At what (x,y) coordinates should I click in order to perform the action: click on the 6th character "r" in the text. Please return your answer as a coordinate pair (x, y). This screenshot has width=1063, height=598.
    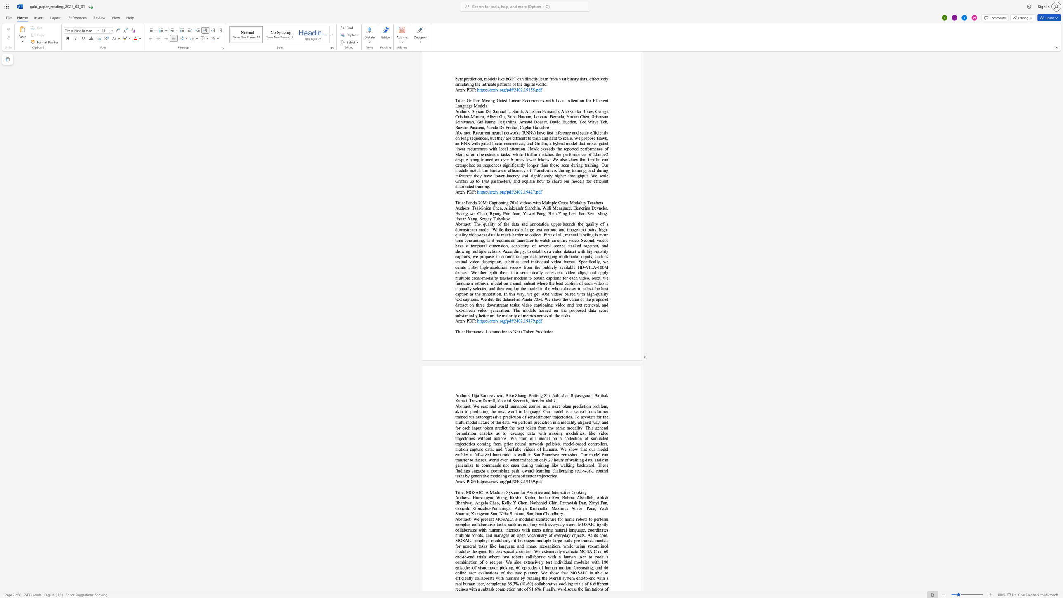
    Looking at the image, I should click on (490, 400).